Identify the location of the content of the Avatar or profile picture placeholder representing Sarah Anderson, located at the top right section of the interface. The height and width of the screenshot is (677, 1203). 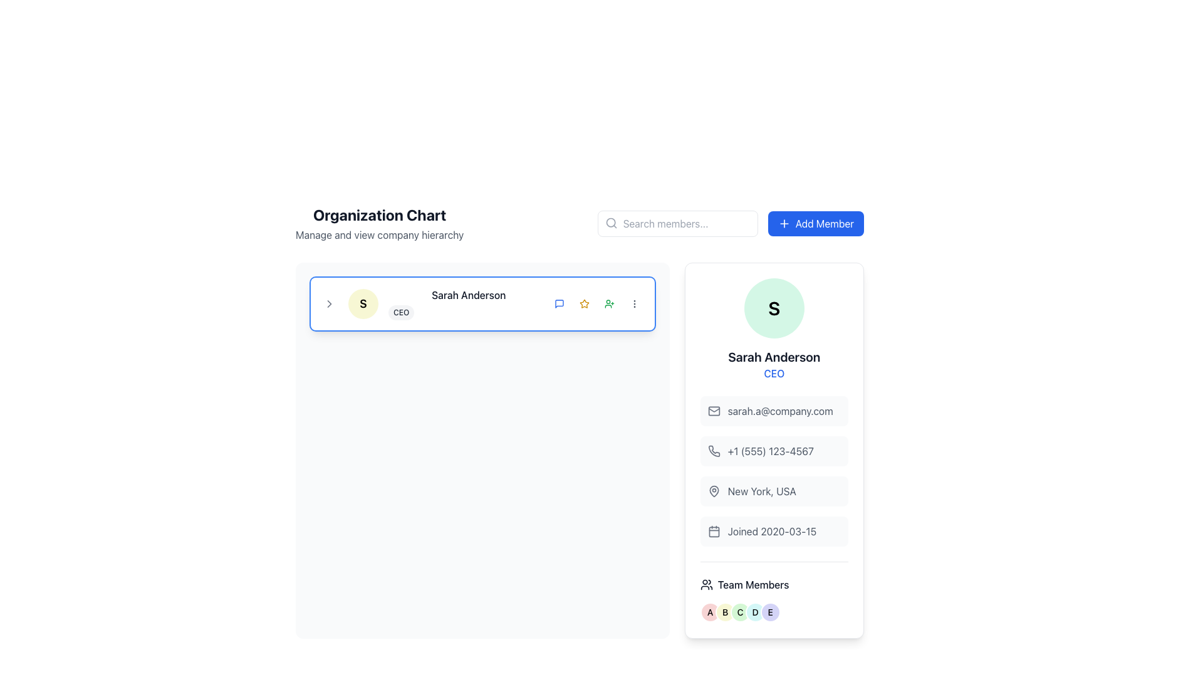
(773, 308).